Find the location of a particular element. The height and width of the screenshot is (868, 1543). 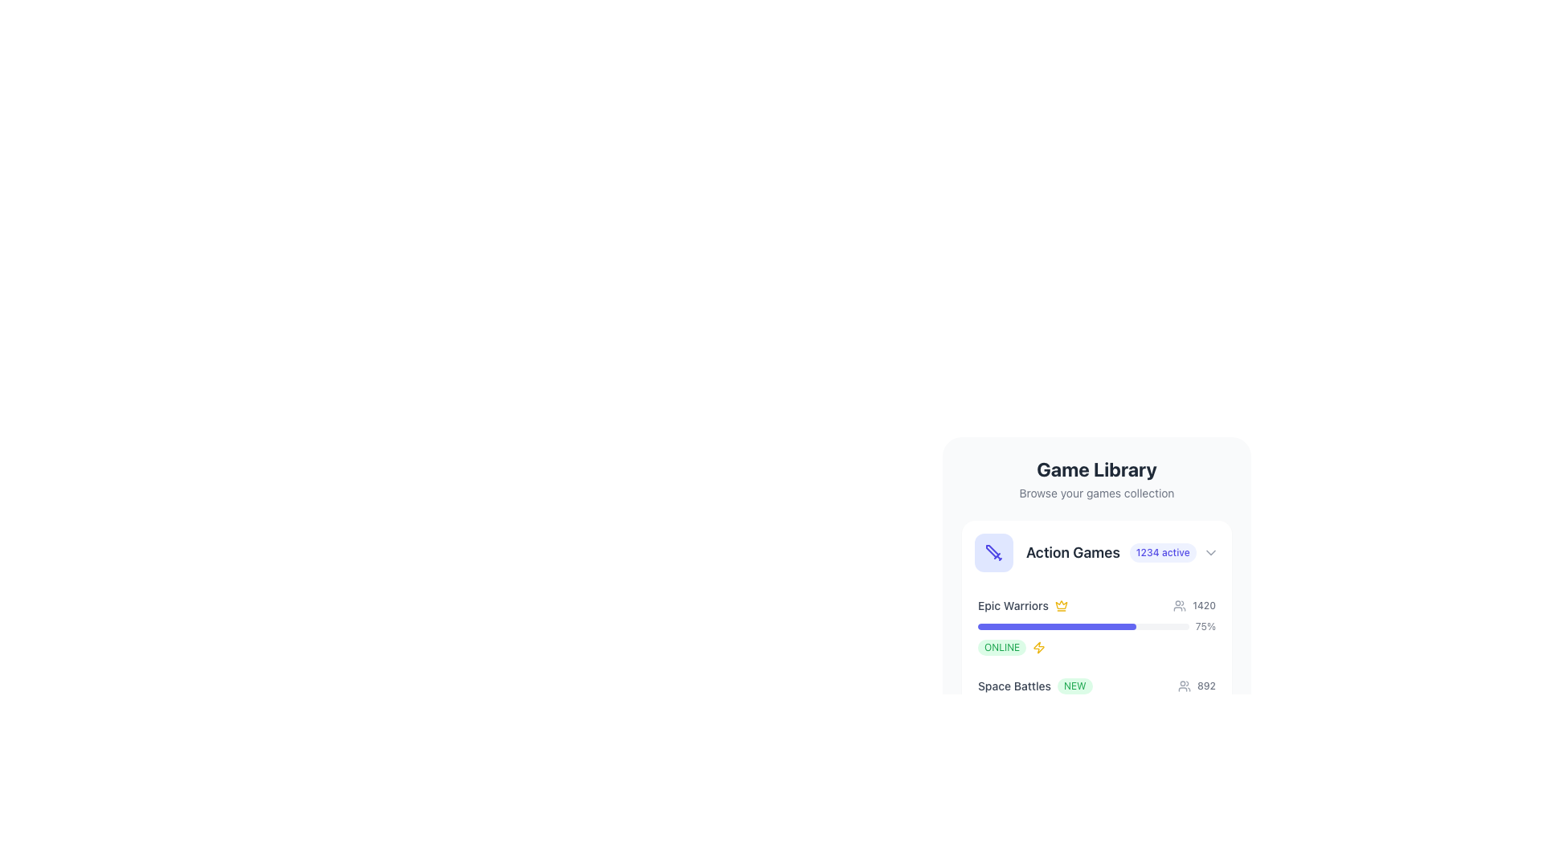

the Progress Bar with Percentage Label indicating 75% completion within the 'Epic Warriors' game card in the 'Action Games' panel of the Game Library is located at coordinates (1095, 625).